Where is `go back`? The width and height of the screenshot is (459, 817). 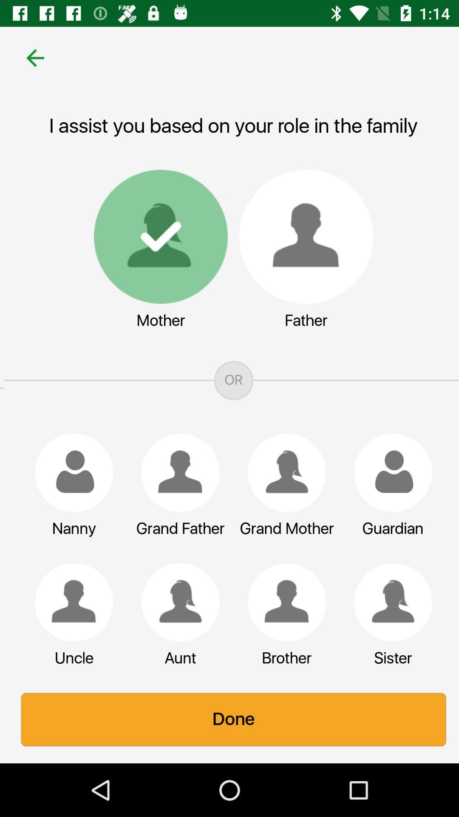 go back is located at coordinates (31, 57).